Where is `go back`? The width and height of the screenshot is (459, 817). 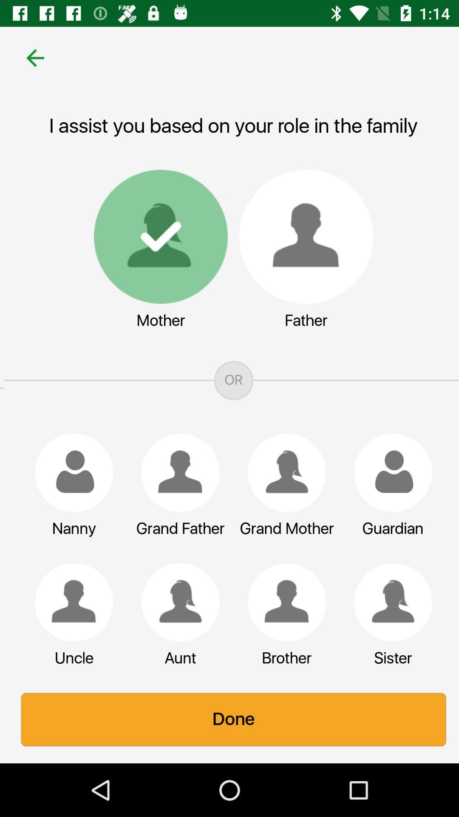 go back is located at coordinates (31, 57).